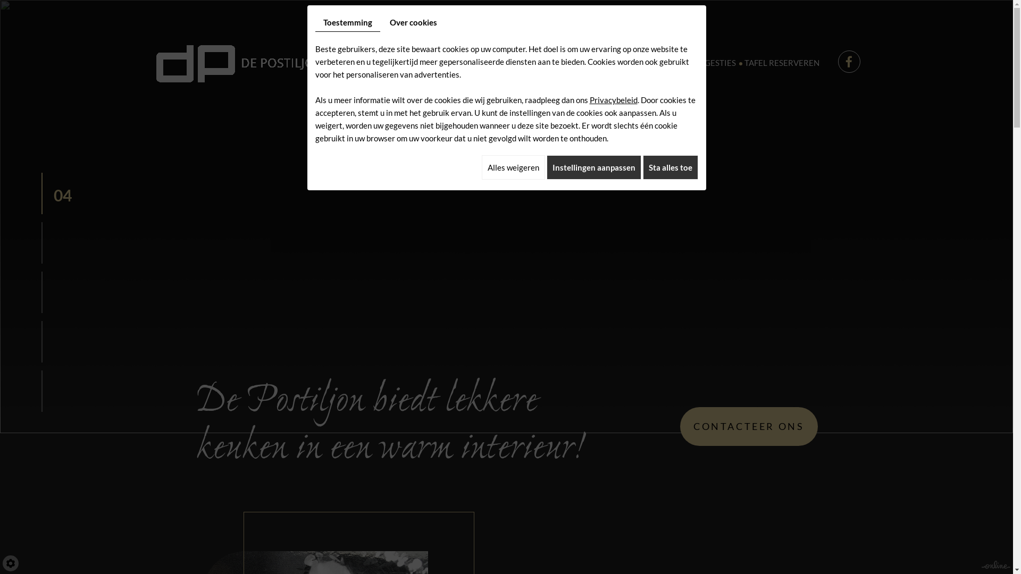 The width and height of the screenshot is (1021, 574). Describe the element at coordinates (513, 167) in the screenshot. I see `'Alles weigeren'` at that location.